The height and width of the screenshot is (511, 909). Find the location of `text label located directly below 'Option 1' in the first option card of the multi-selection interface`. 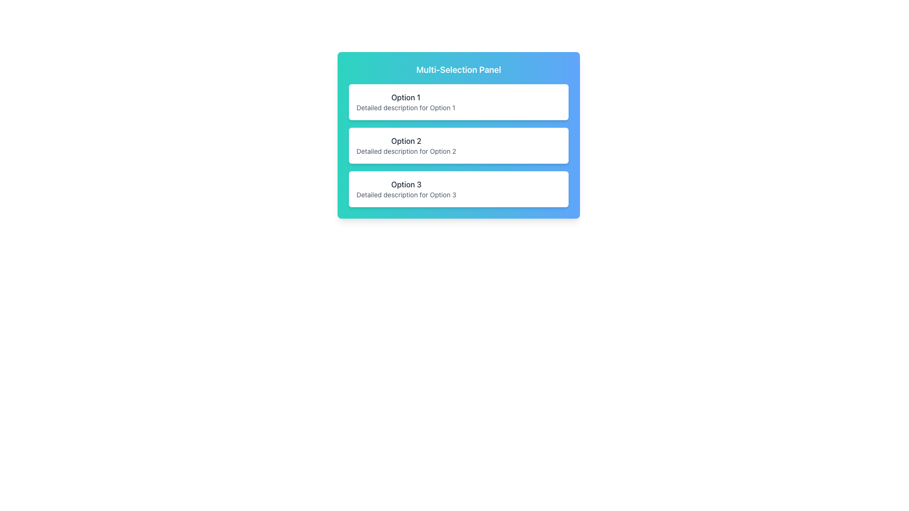

text label located directly below 'Option 1' in the first option card of the multi-selection interface is located at coordinates (406, 107).